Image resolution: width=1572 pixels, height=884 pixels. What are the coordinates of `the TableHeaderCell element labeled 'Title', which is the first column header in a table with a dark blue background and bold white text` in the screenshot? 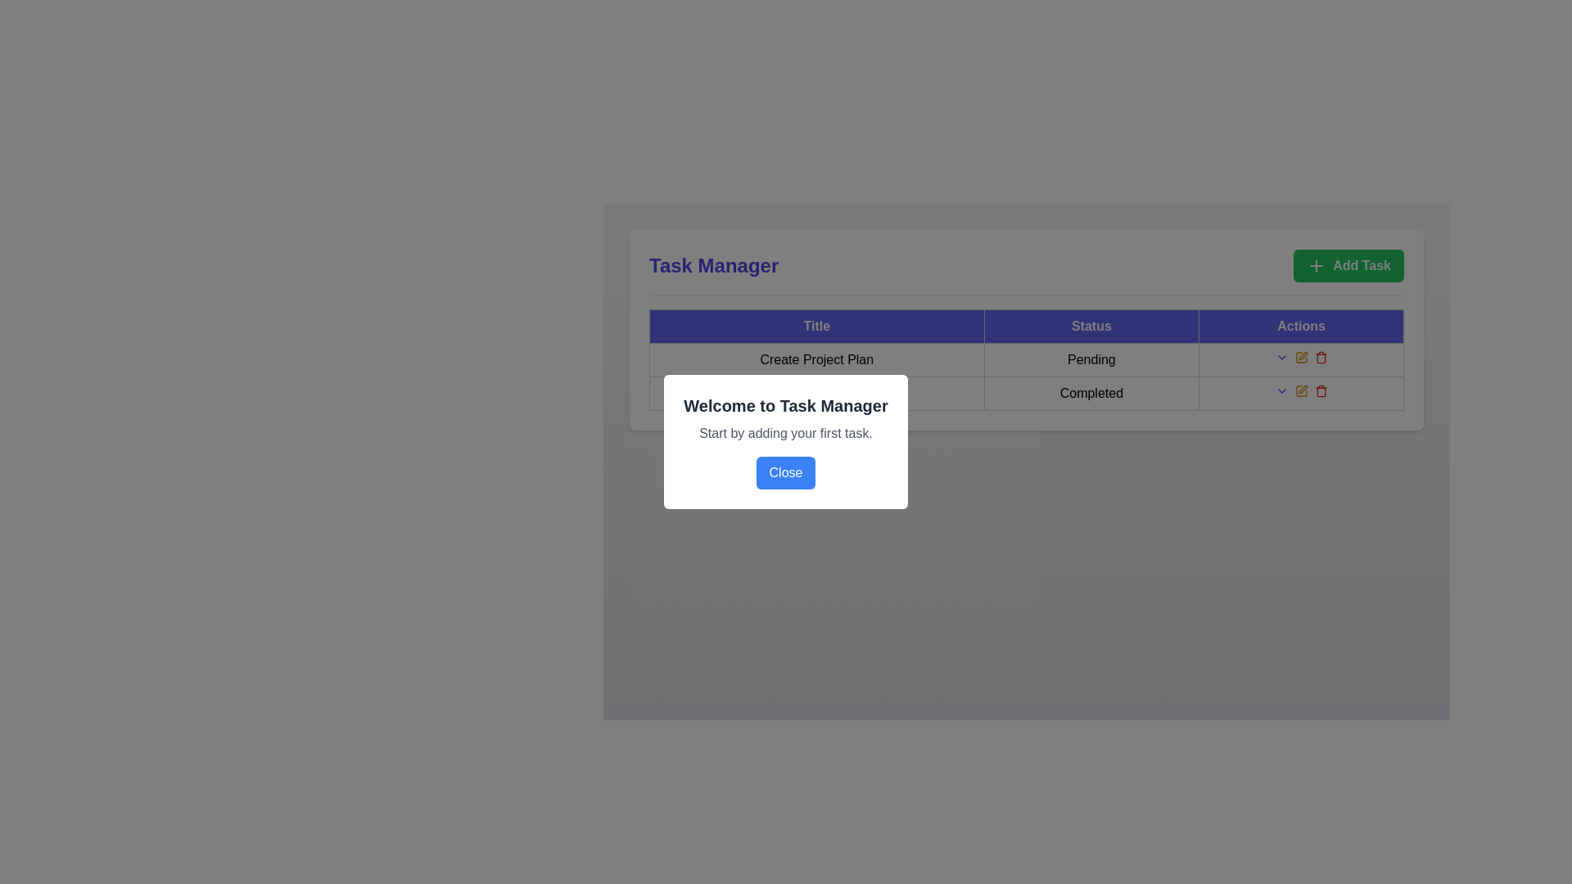 It's located at (816, 326).